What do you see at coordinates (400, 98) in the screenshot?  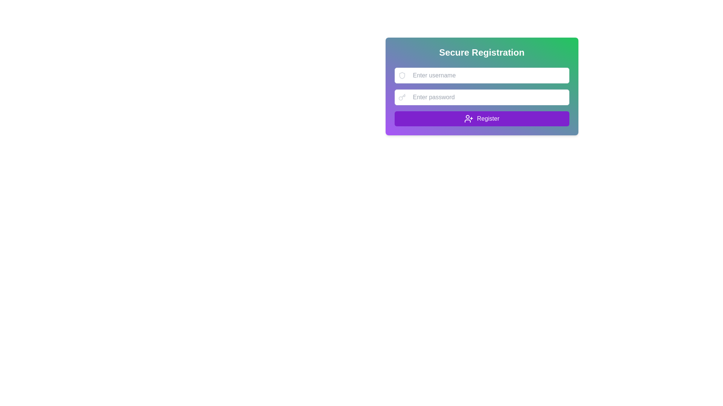 I see `the circular icon element located to the left of the 'Enter password' text field in the registration interface` at bounding box center [400, 98].